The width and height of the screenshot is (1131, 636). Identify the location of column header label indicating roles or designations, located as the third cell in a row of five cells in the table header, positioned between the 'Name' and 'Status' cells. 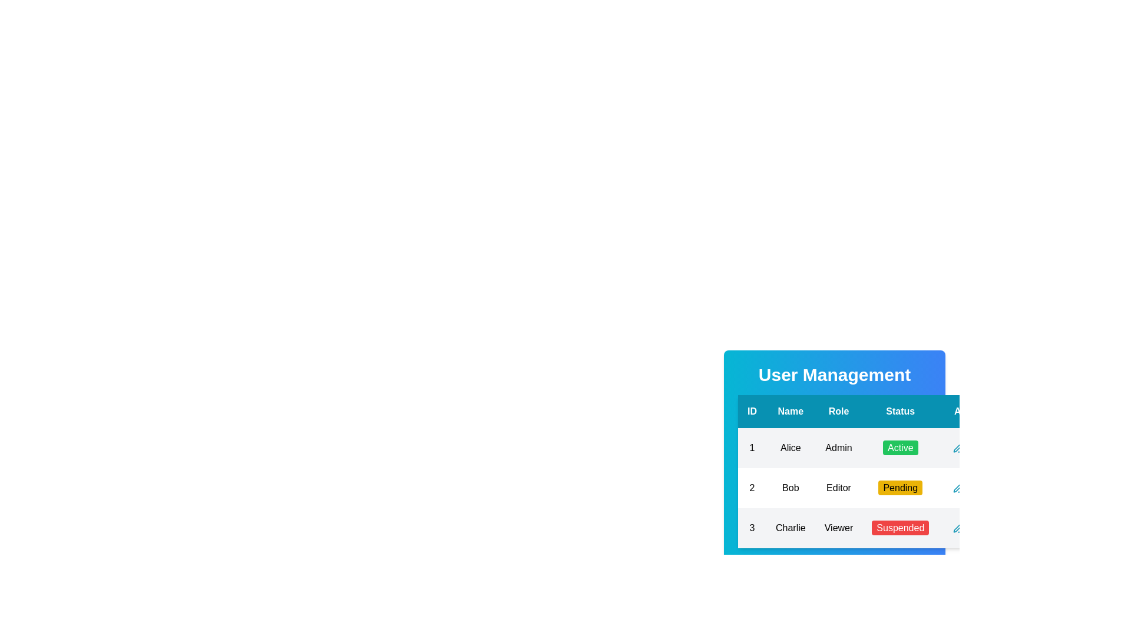
(838, 410).